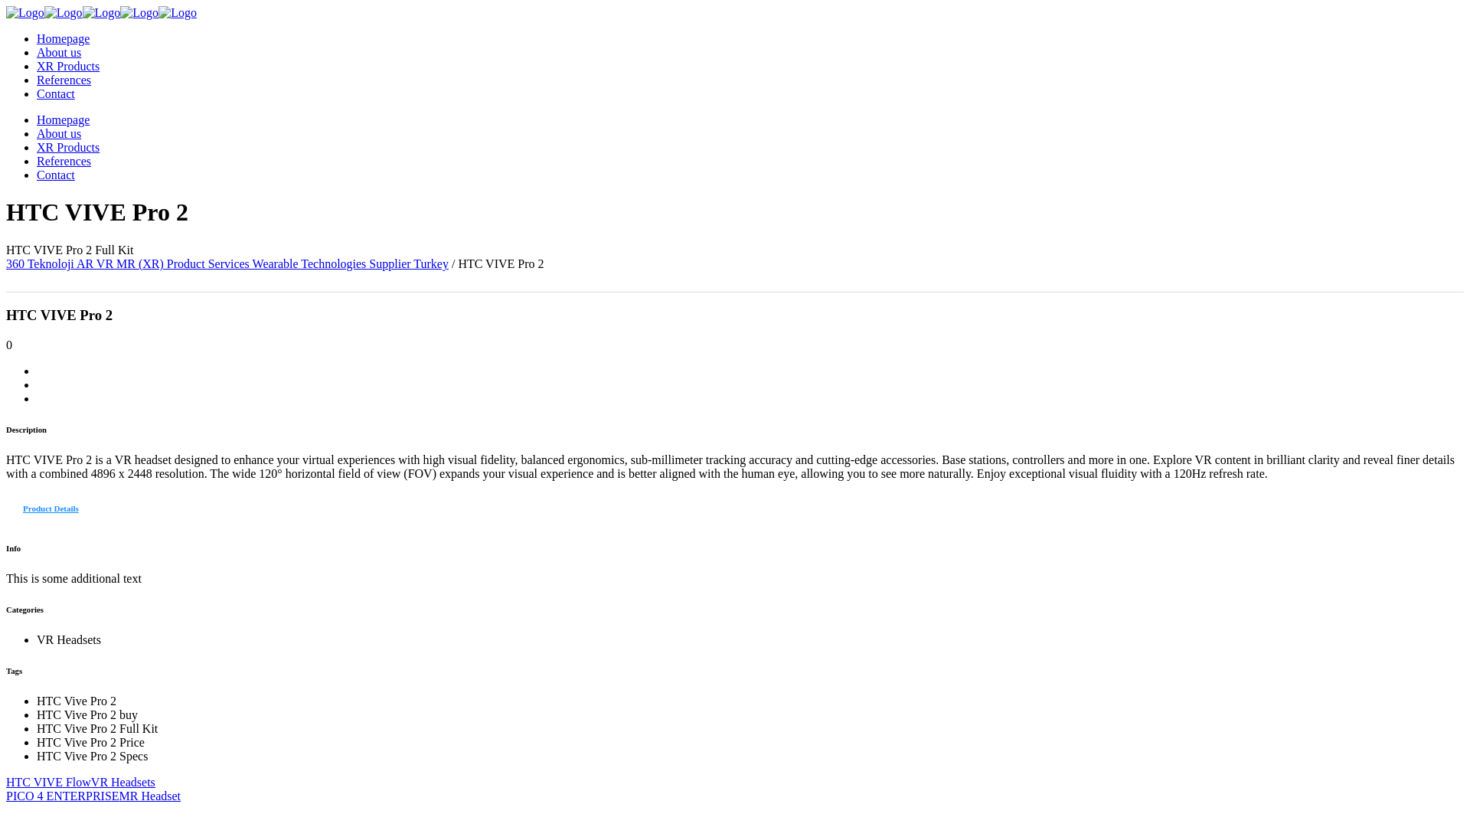  Describe the element at coordinates (55, 93) in the screenshot. I see `'Contact'` at that location.